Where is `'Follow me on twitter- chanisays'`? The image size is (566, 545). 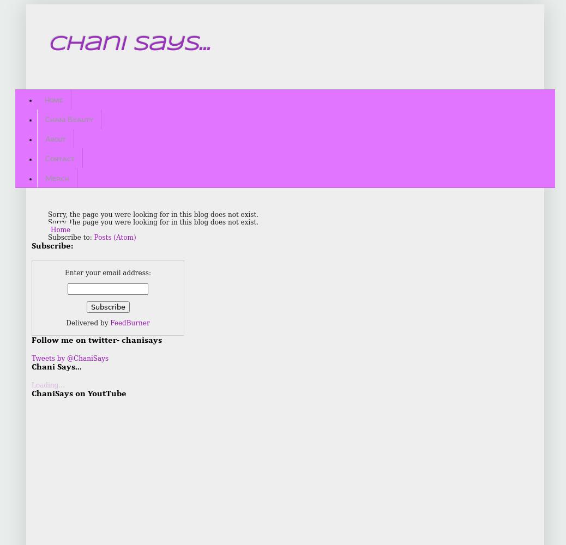 'Follow me on twitter- chanisays' is located at coordinates (96, 340).